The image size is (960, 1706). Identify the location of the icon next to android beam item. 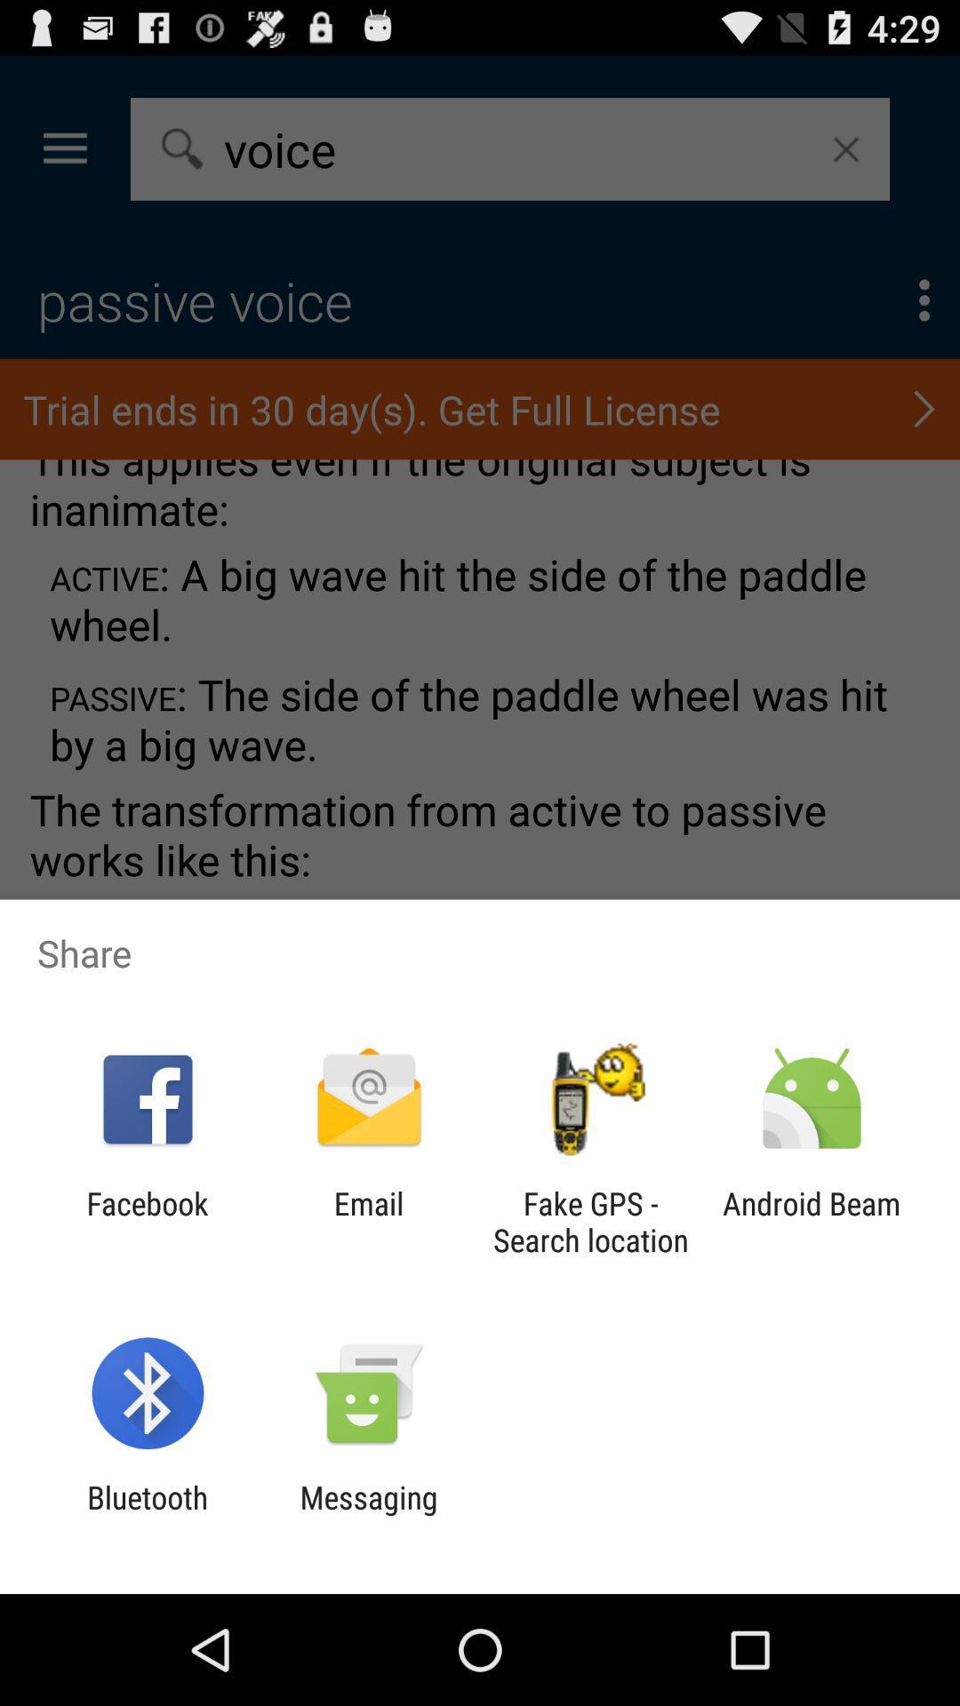
(590, 1221).